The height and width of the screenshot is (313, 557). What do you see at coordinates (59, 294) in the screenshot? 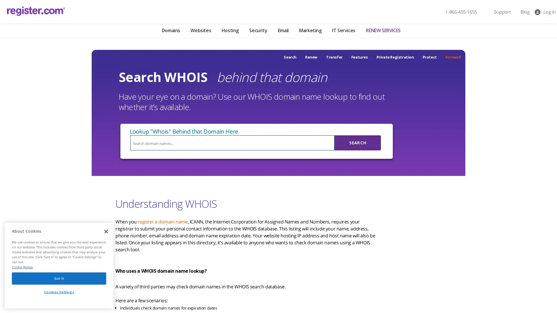
I see `Cookies Settings` at bounding box center [59, 294].